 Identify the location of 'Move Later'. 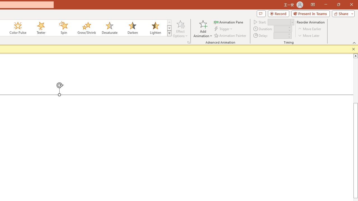
(309, 35).